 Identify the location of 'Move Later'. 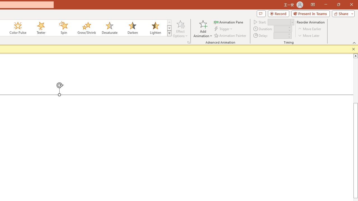
(309, 35).